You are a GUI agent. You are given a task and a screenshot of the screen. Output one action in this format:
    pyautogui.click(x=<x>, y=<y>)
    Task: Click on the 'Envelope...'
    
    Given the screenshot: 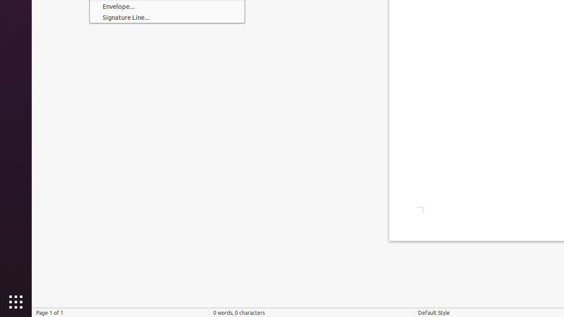 What is the action you would take?
    pyautogui.click(x=167, y=6)
    